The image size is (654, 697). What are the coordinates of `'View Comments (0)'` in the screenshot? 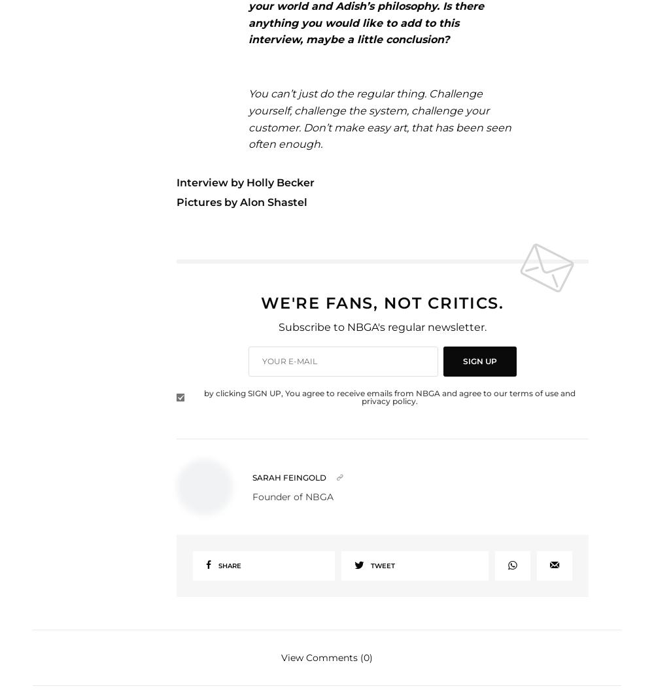 It's located at (327, 657).